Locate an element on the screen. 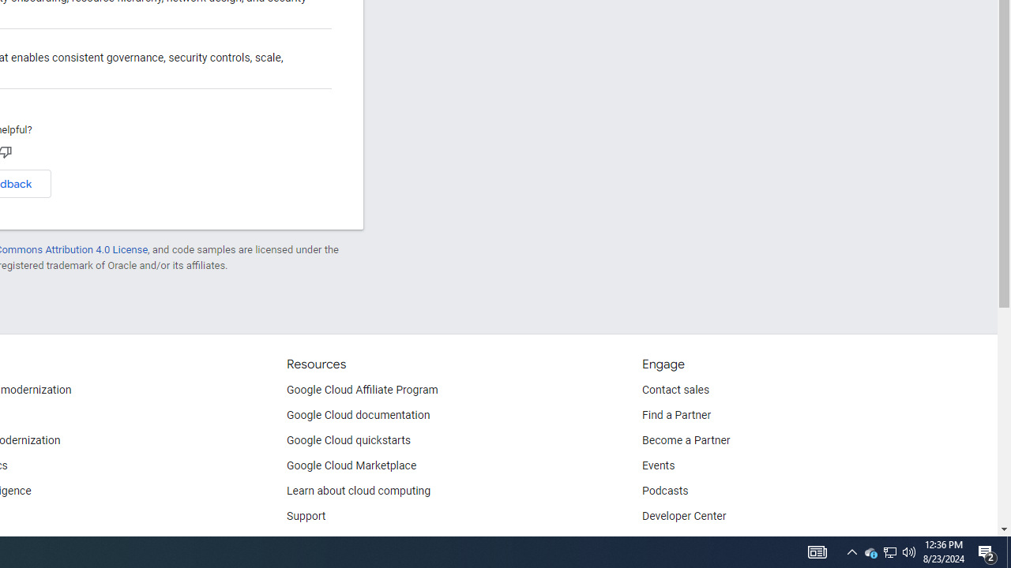 This screenshot has height=568, width=1011. 'Become a Partner' is located at coordinates (686, 441).